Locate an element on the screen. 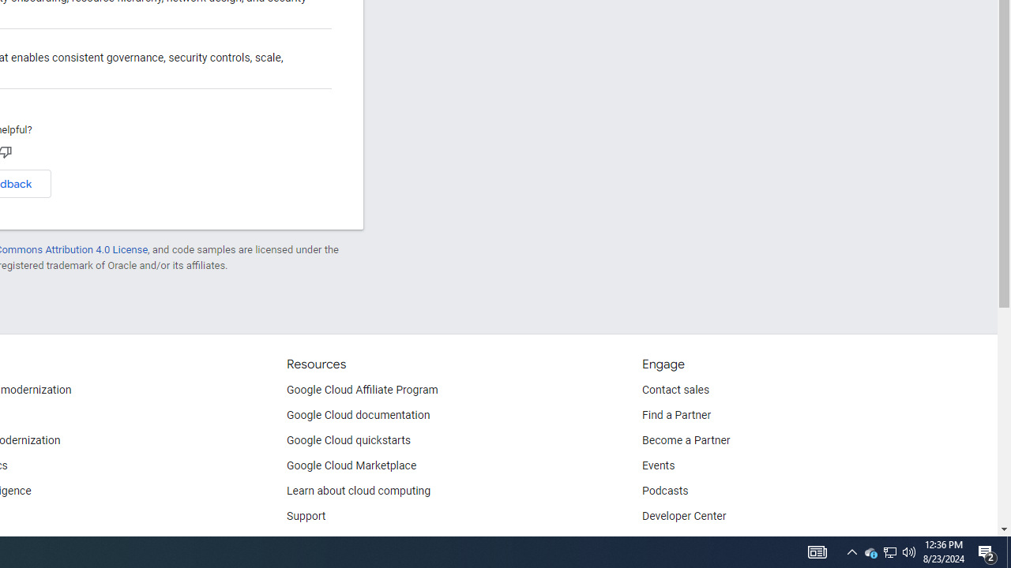 This screenshot has height=568, width=1011. 'Become a Partner' is located at coordinates (686, 441).